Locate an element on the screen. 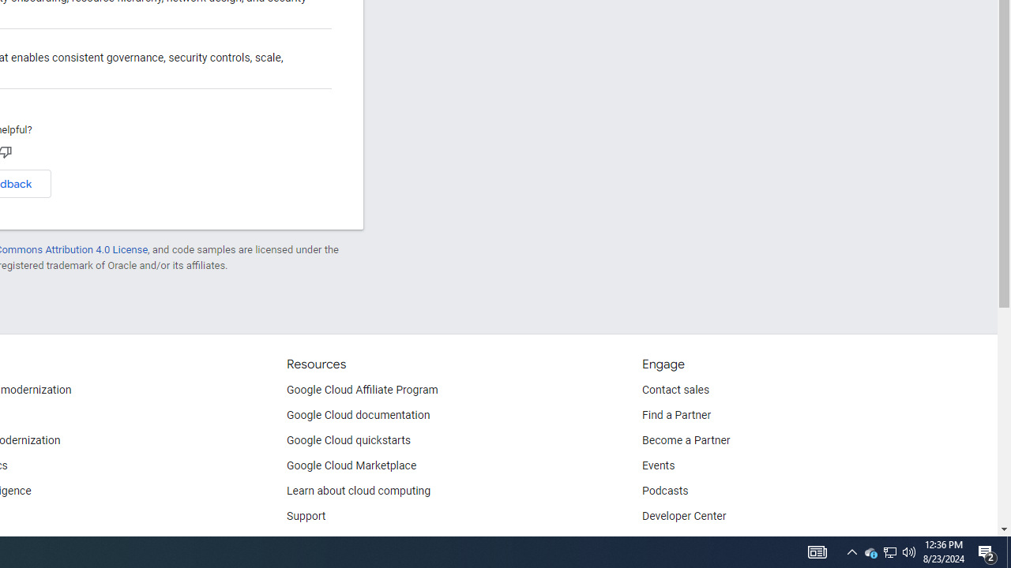 This screenshot has height=568, width=1011. 'Become a Partner' is located at coordinates (686, 441).